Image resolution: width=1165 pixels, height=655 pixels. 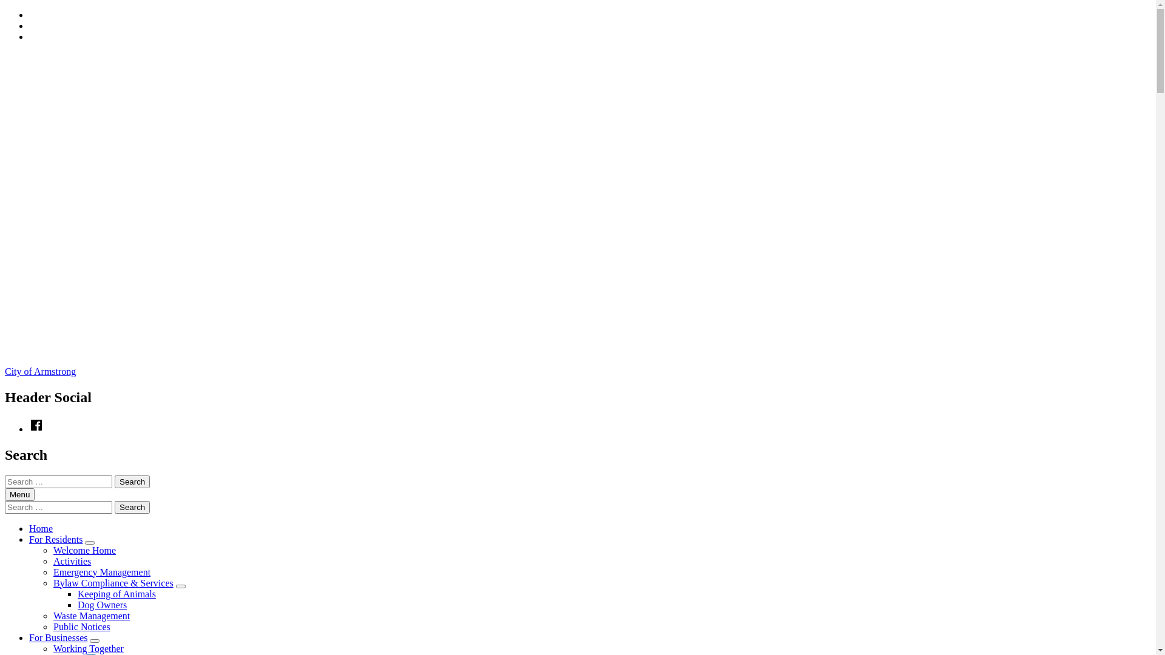 What do you see at coordinates (19, 494) in the screenshot?
I see `'Menu'` at bounding box center [19, 494].